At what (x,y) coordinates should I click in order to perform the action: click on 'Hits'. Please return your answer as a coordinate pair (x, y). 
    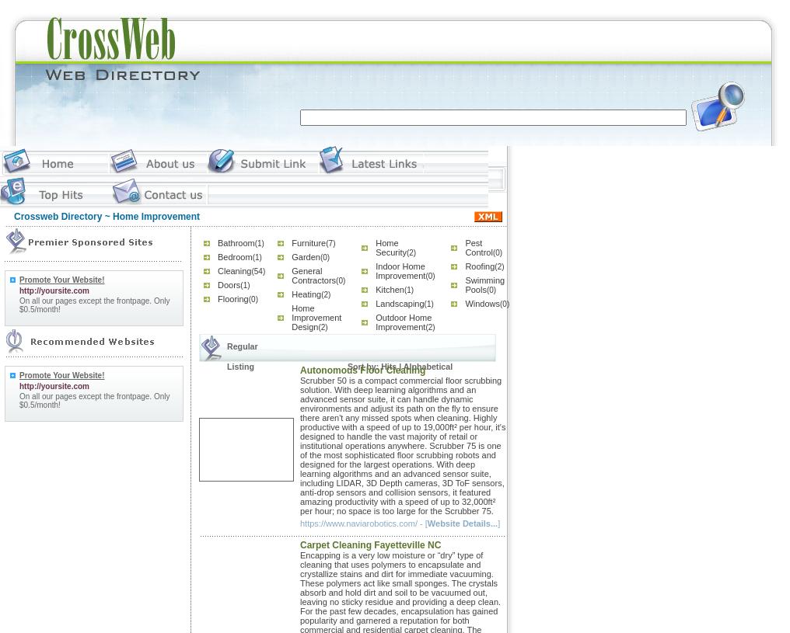
    Looking at the image, I should click on (388, 366).